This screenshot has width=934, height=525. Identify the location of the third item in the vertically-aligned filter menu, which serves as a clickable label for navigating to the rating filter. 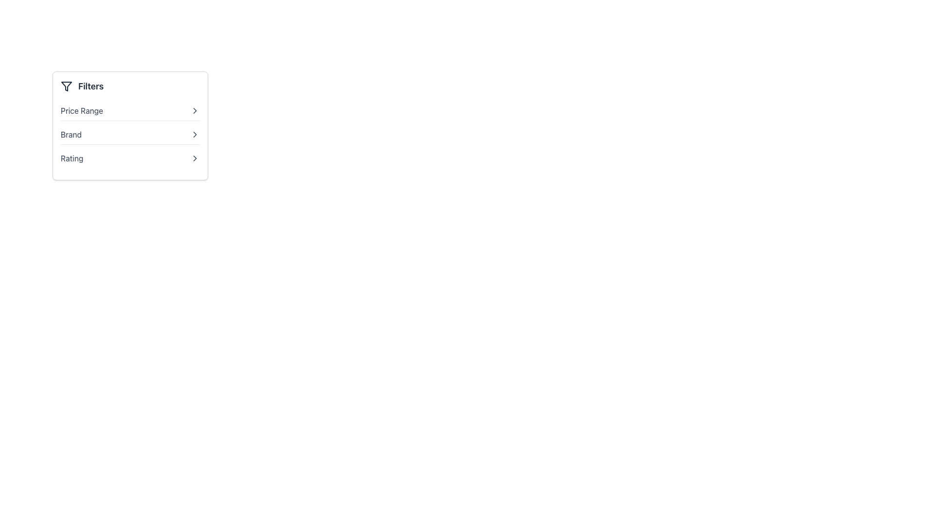
(72, 158).